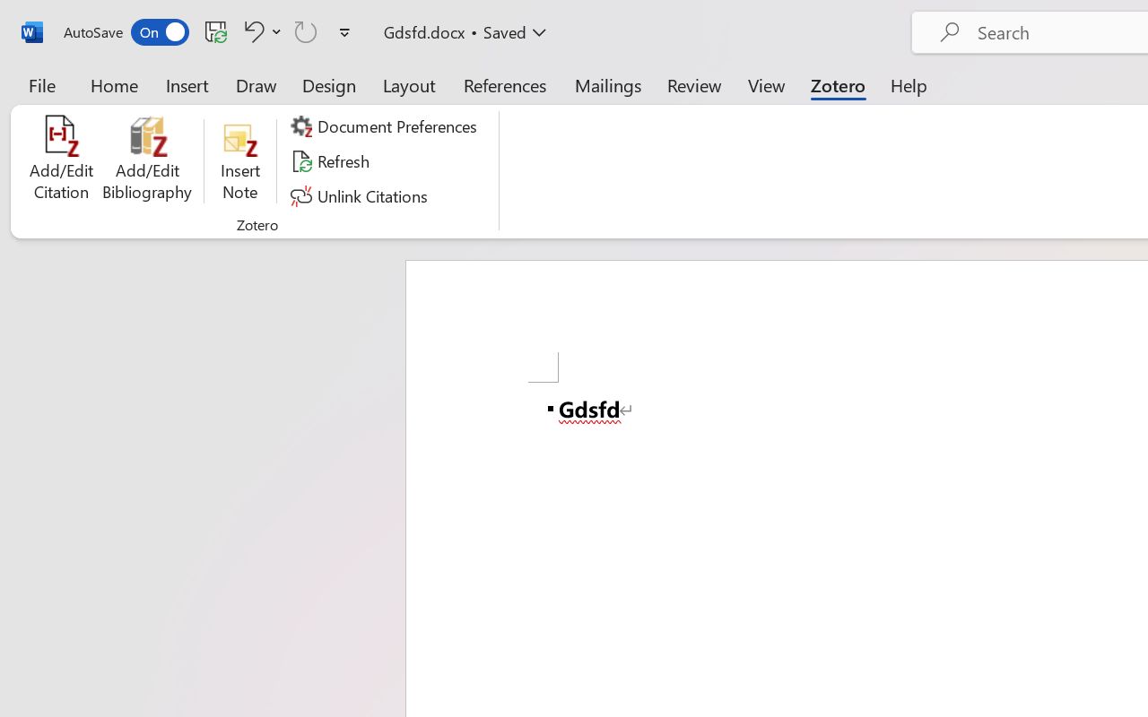 The height and width of the screenshot is (717, 1148). What do you see at coordinates (386, 126) in the screenshot?
I see `'Document Preferences'` at bounding box center [386, 126].